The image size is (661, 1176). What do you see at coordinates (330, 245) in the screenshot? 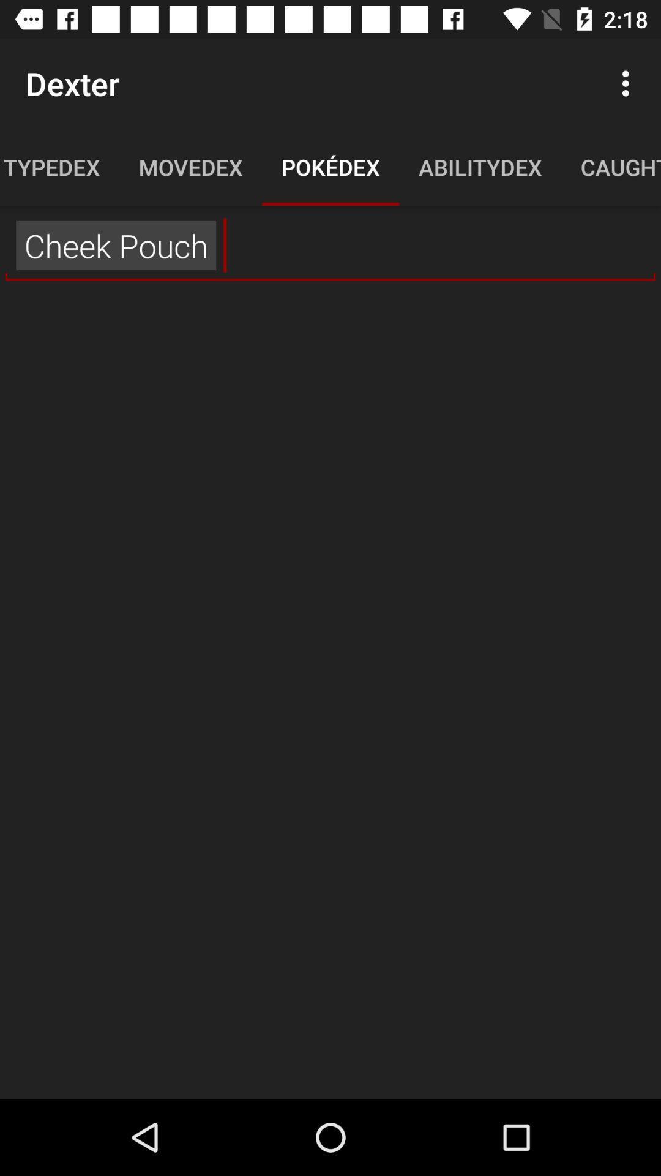
I see `the ,,  item` at bounding box center [330, 245].